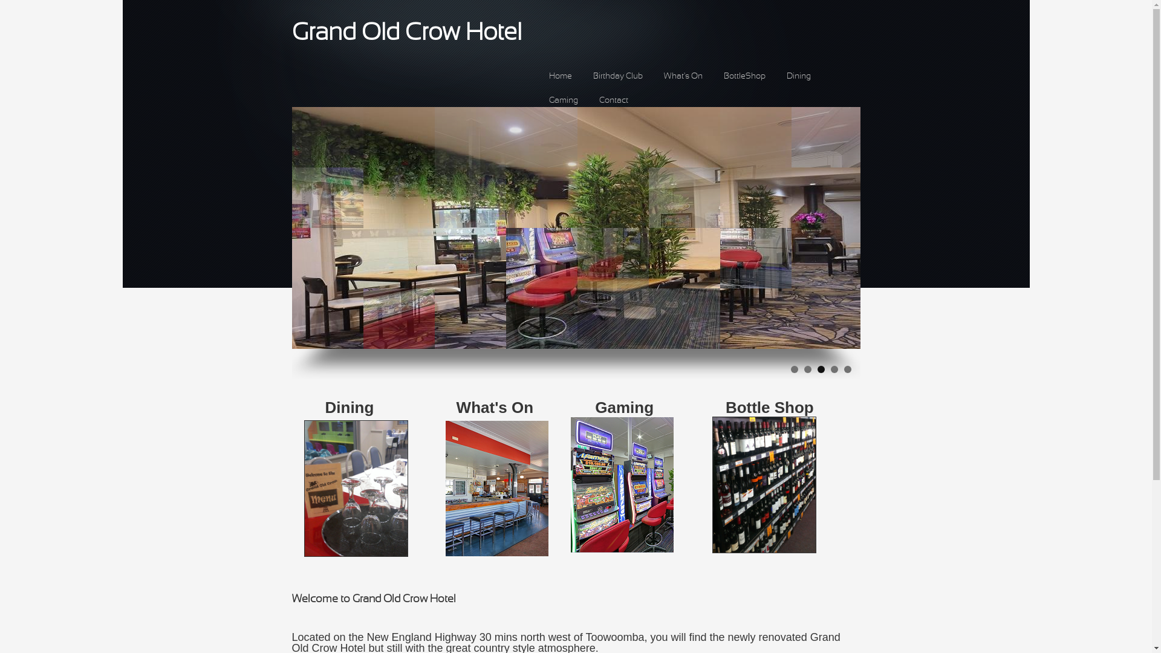 The width and height of the screenshot is (1161, 653). I want to click on '5', so click(847, 368).